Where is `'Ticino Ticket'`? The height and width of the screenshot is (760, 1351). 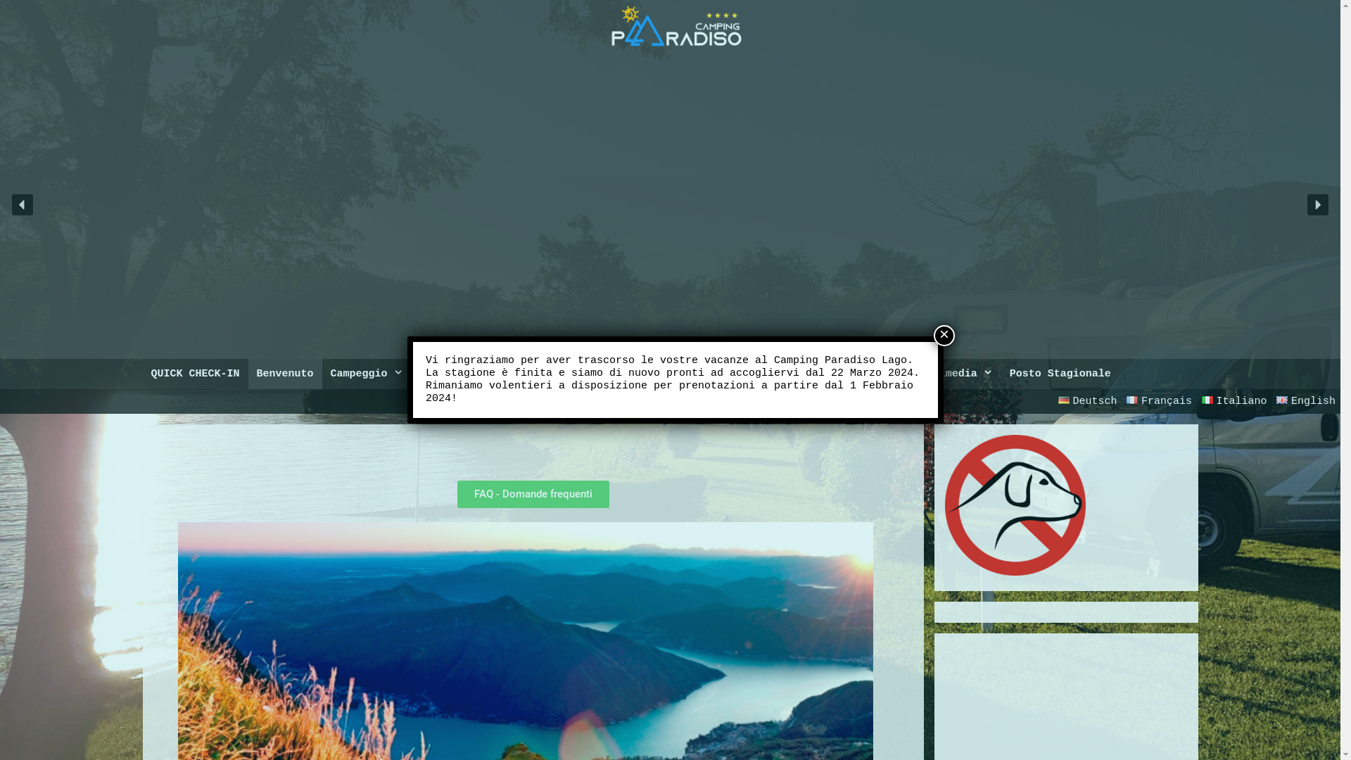
'Ticino Ticket' is located at coordinates (519, 373).